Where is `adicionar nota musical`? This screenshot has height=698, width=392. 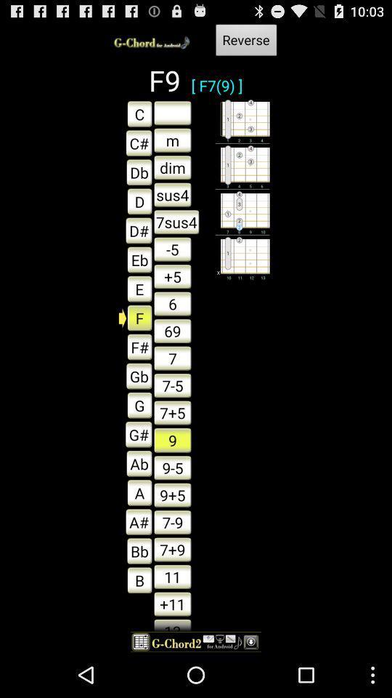
adicionar nota musical is located at coordinates (172, 112).